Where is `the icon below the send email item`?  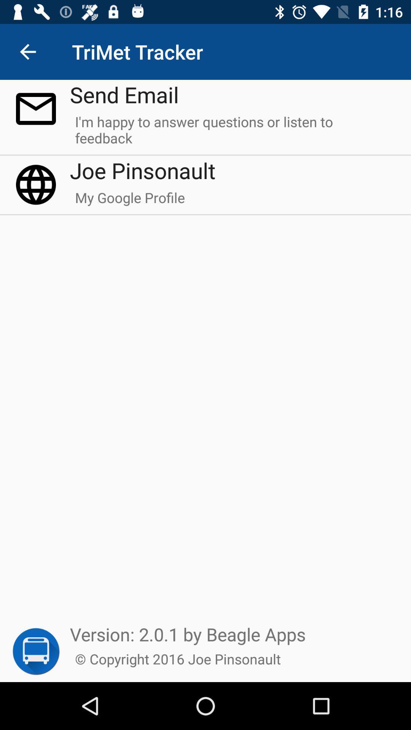 the icon below the send email item is located at coordinates (233, 133).